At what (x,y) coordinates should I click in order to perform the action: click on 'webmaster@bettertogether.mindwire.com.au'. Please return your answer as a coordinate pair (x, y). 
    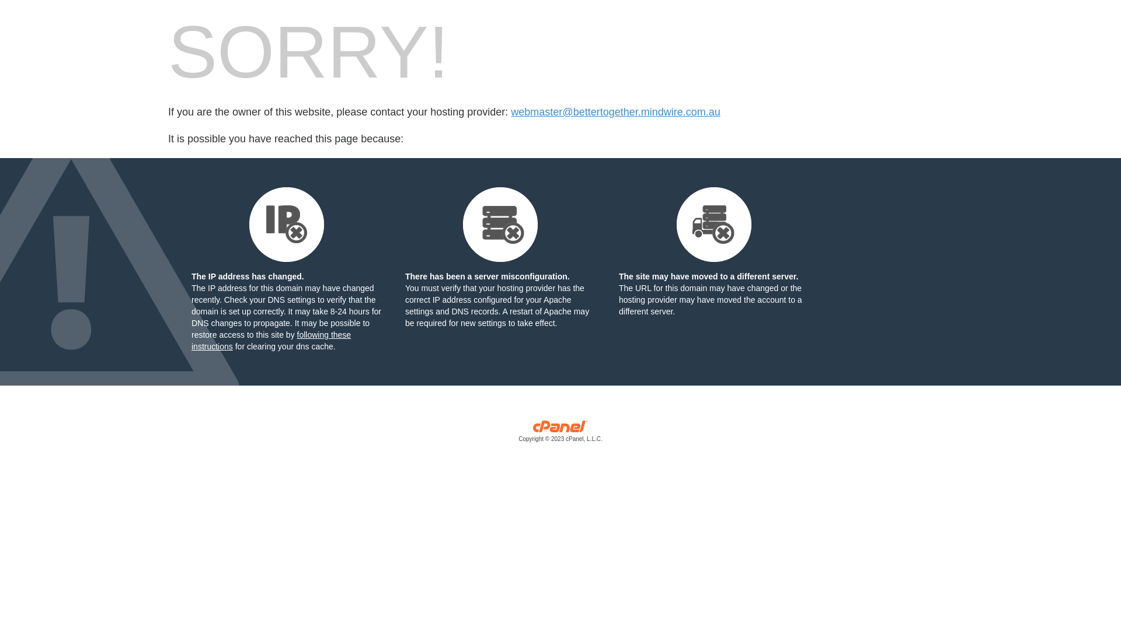
    Looking at the image, I should click on (615, 112).